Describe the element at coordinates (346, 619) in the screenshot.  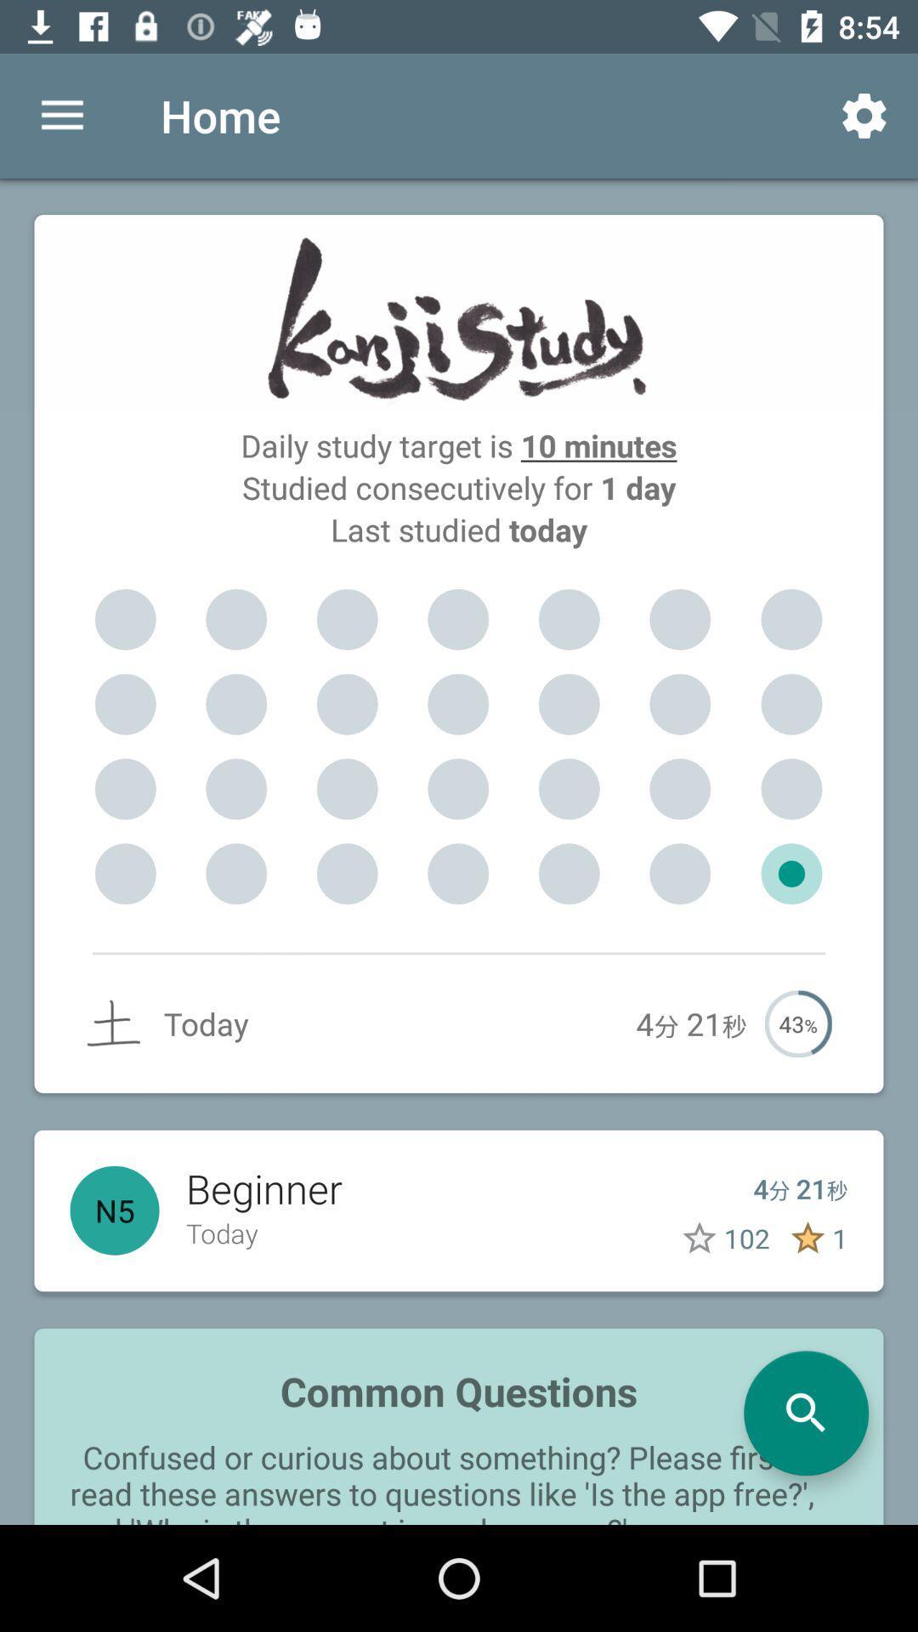
I see `the item below the last studied today icon` at that location.